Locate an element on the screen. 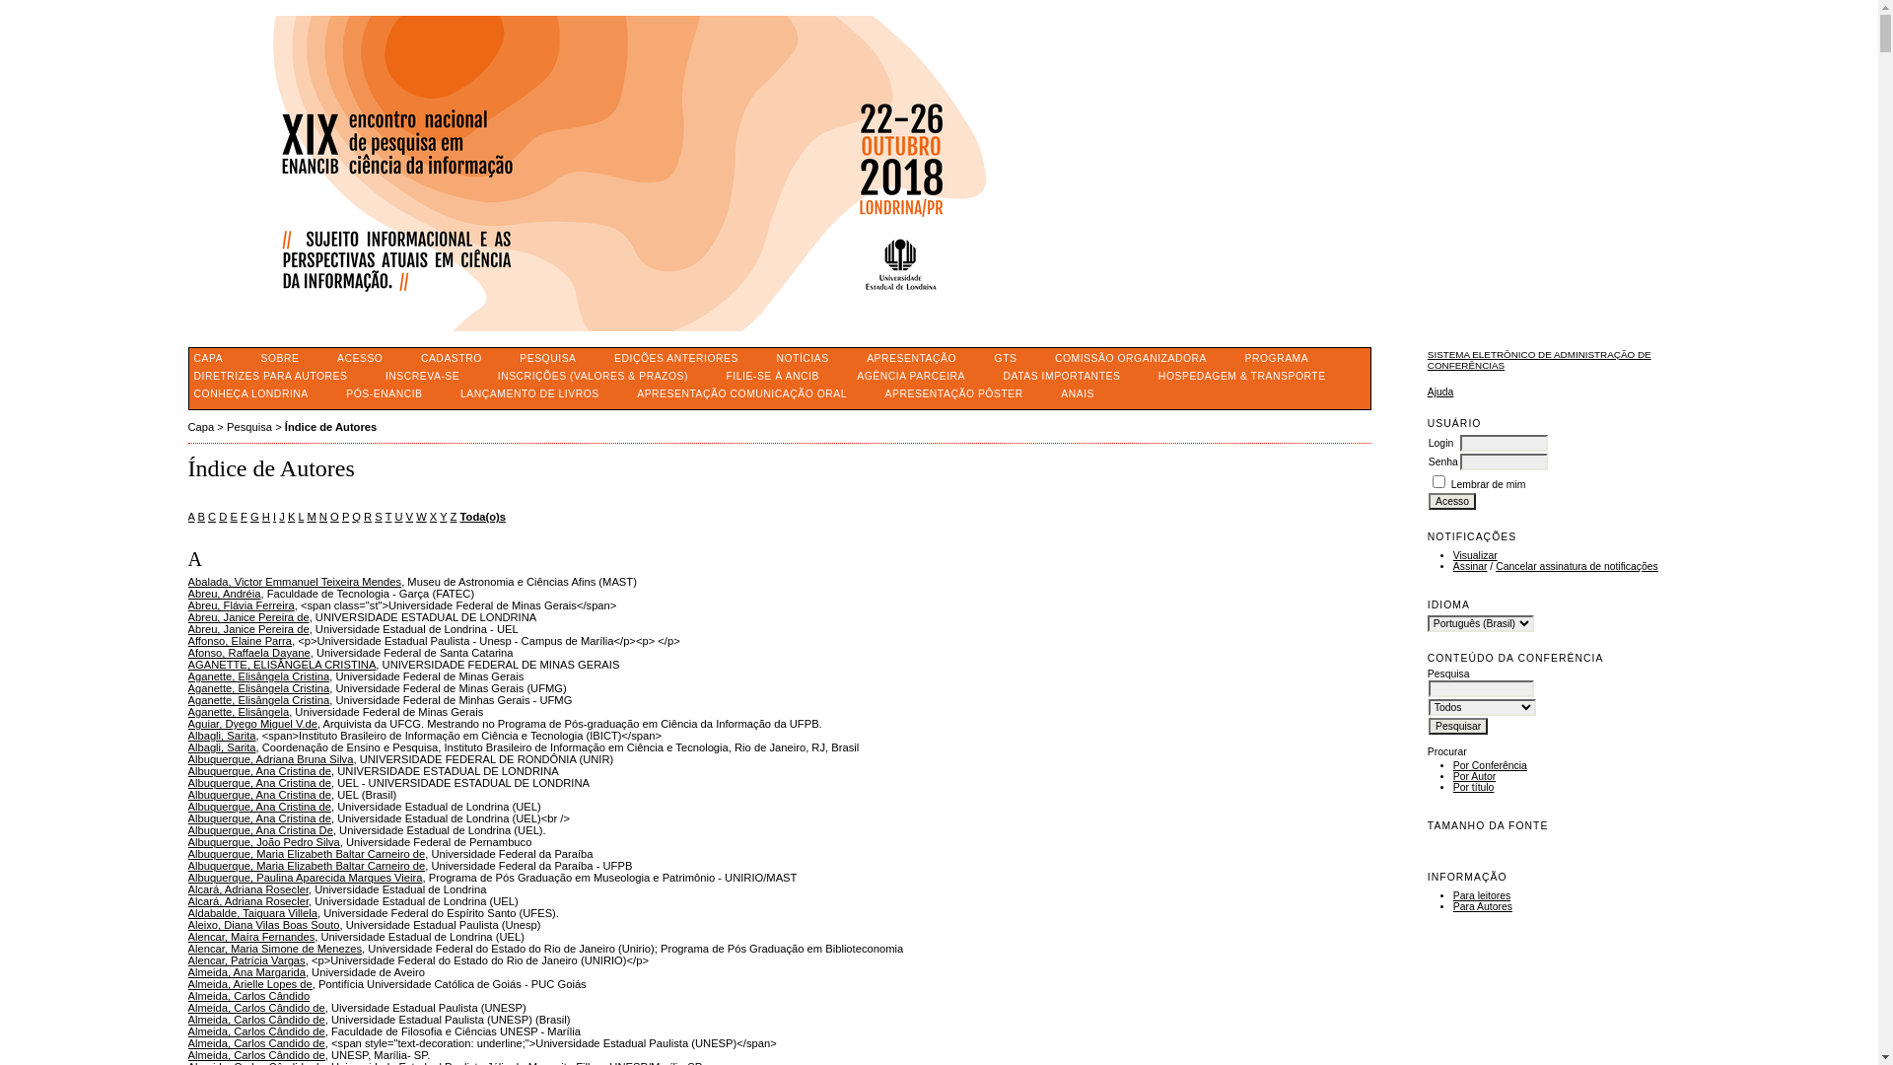 The image size is (1893, 1065). 'O' is located at coordinates (334, 516).